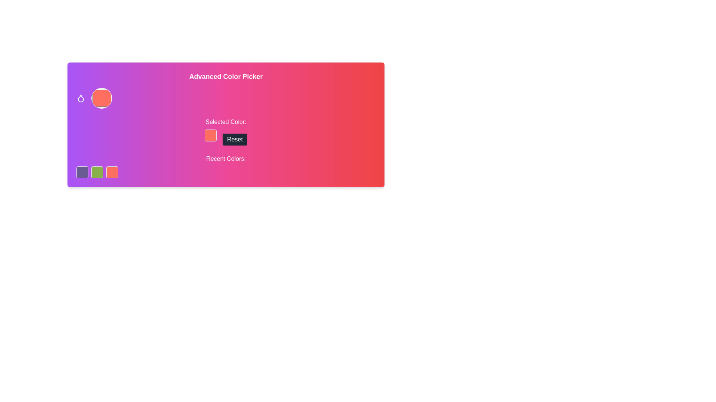  Describe the element at coordinates (225, 131) in the screenshot. I see `style attributes of the 'Reset' button in the Color display section of the 'Advanced Color Picker', which is styled with a dark gray background and has the text 'Reset' centered in white` at that location.